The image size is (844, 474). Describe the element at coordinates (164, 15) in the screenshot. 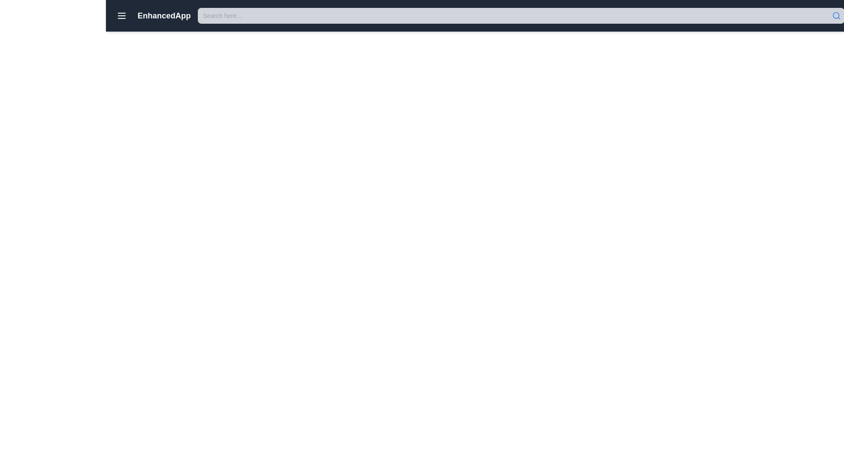

I see `title presented by the Text Label located at the center of the top navigation bar, positioned between the menu icon and the search input box` at that location.